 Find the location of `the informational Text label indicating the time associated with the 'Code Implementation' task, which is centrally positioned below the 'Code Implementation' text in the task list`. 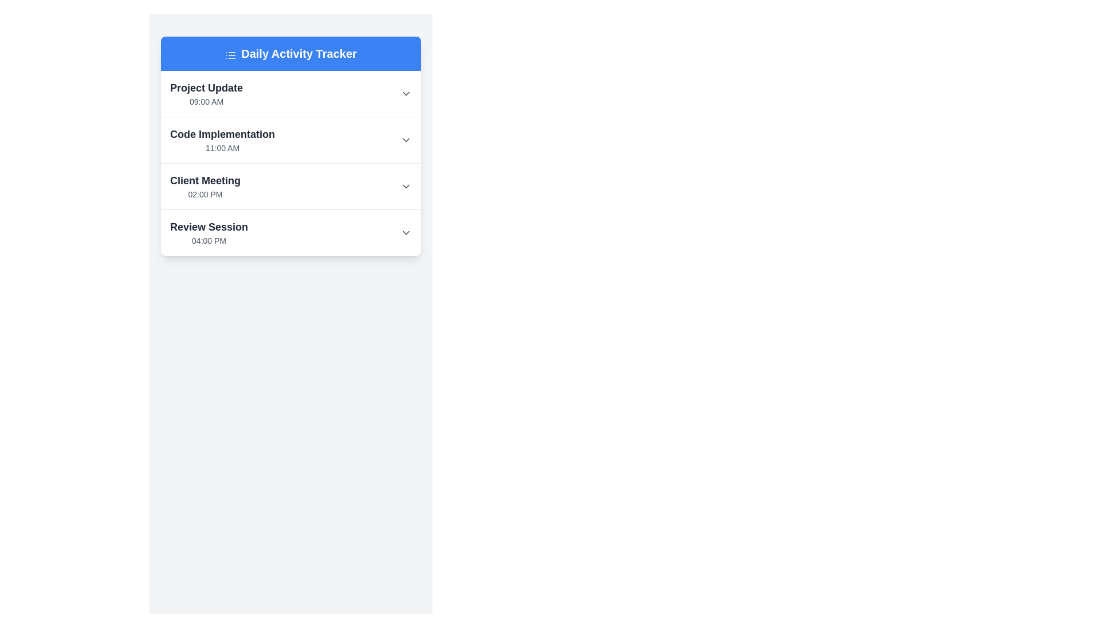

the informational Text label indicating the time associated with the 'Code Implementation' task, which is centrally positioned below the 'Code Implementation' text in the task list is located at coordinates (222, 147).